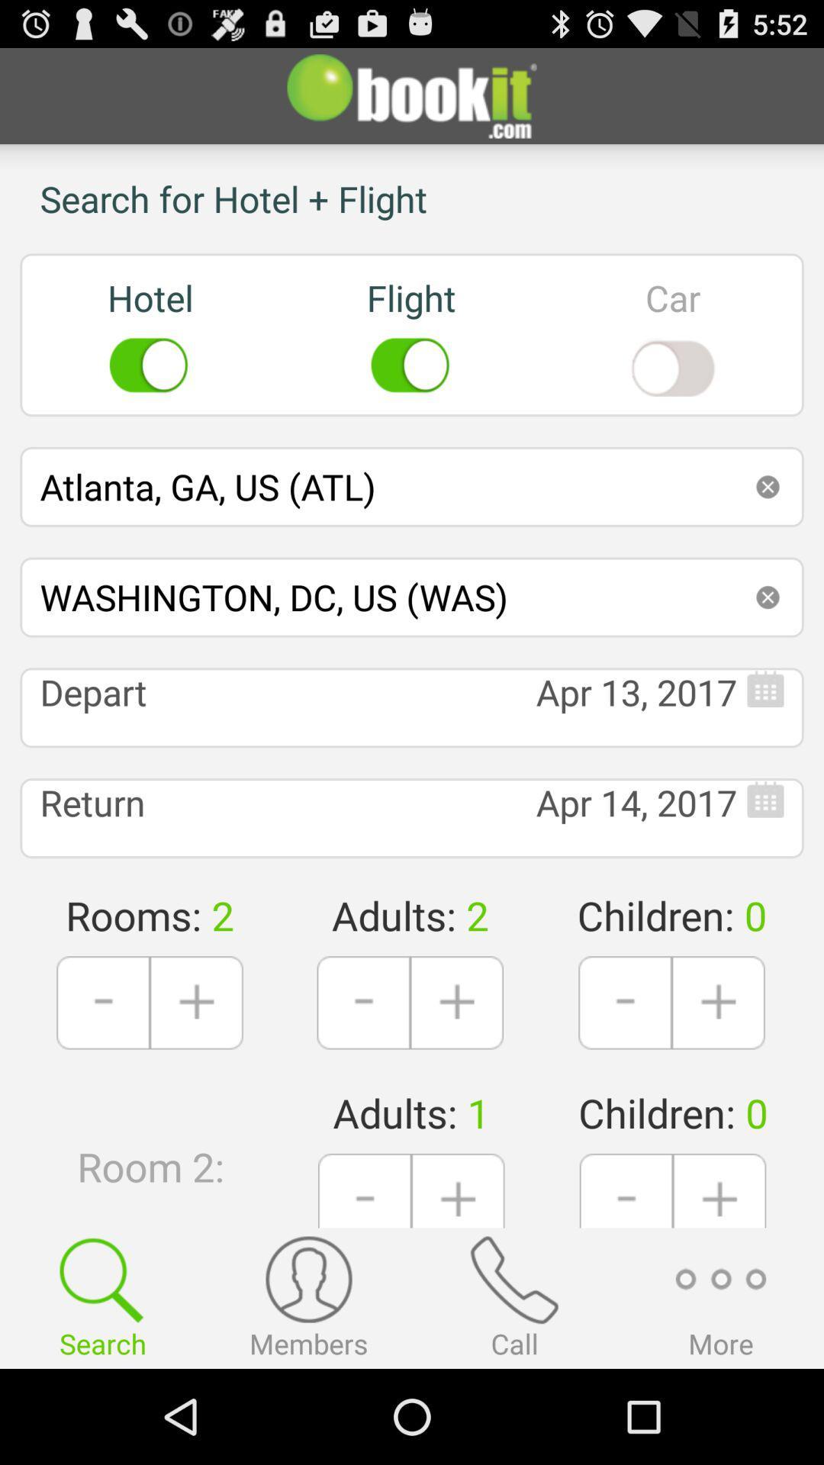 This screenshot has height=1465, width=824. I want to click on the add icon, so click(455, 1072).